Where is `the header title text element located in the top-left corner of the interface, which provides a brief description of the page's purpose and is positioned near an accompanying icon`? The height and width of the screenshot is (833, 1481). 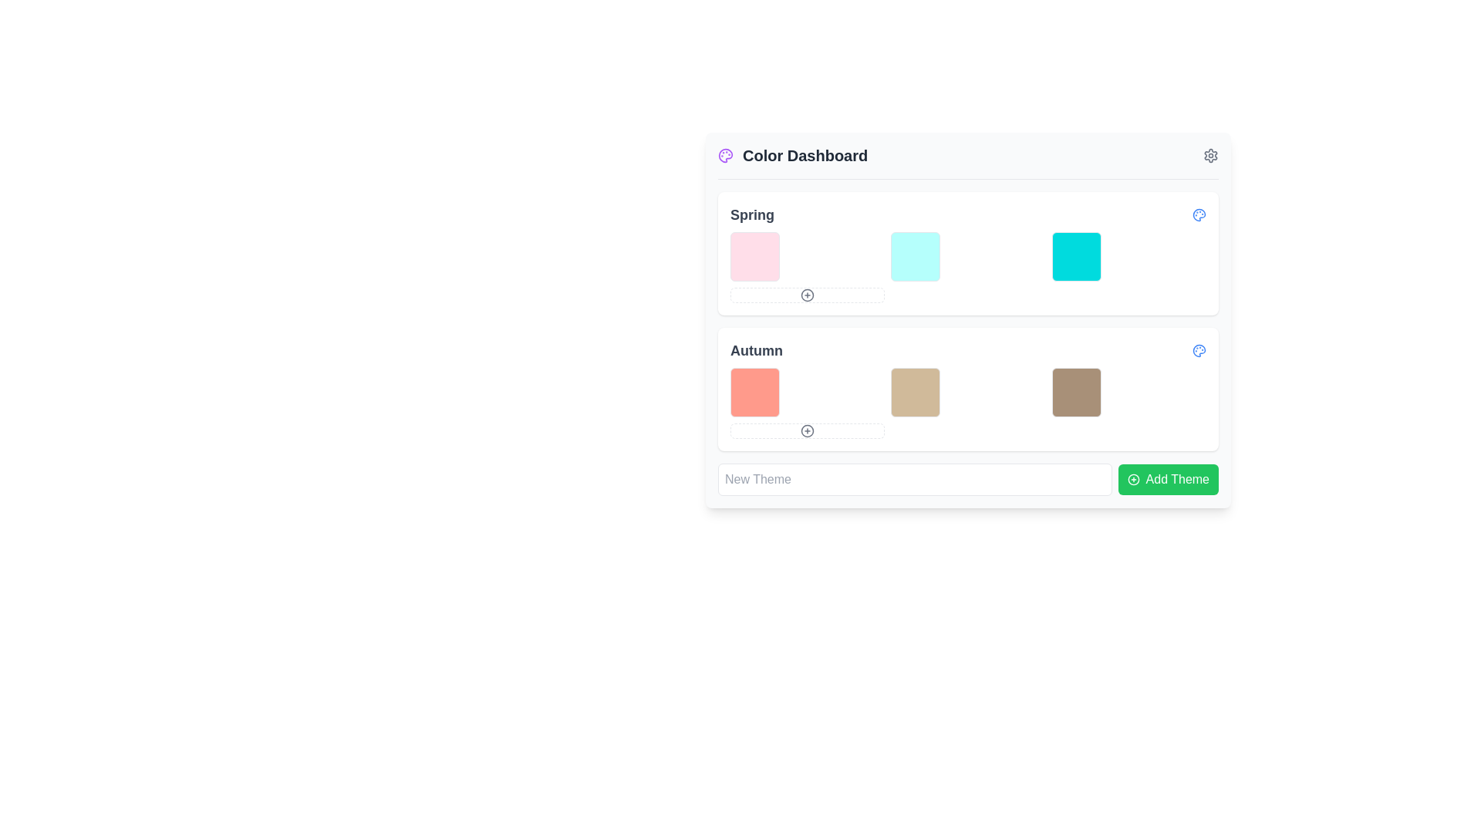
the header title text element located in the top-left corner of the interface, which provides a brief description of the page's purpose and is positioned near an accompanying icon is located at coordinates (793, 155).